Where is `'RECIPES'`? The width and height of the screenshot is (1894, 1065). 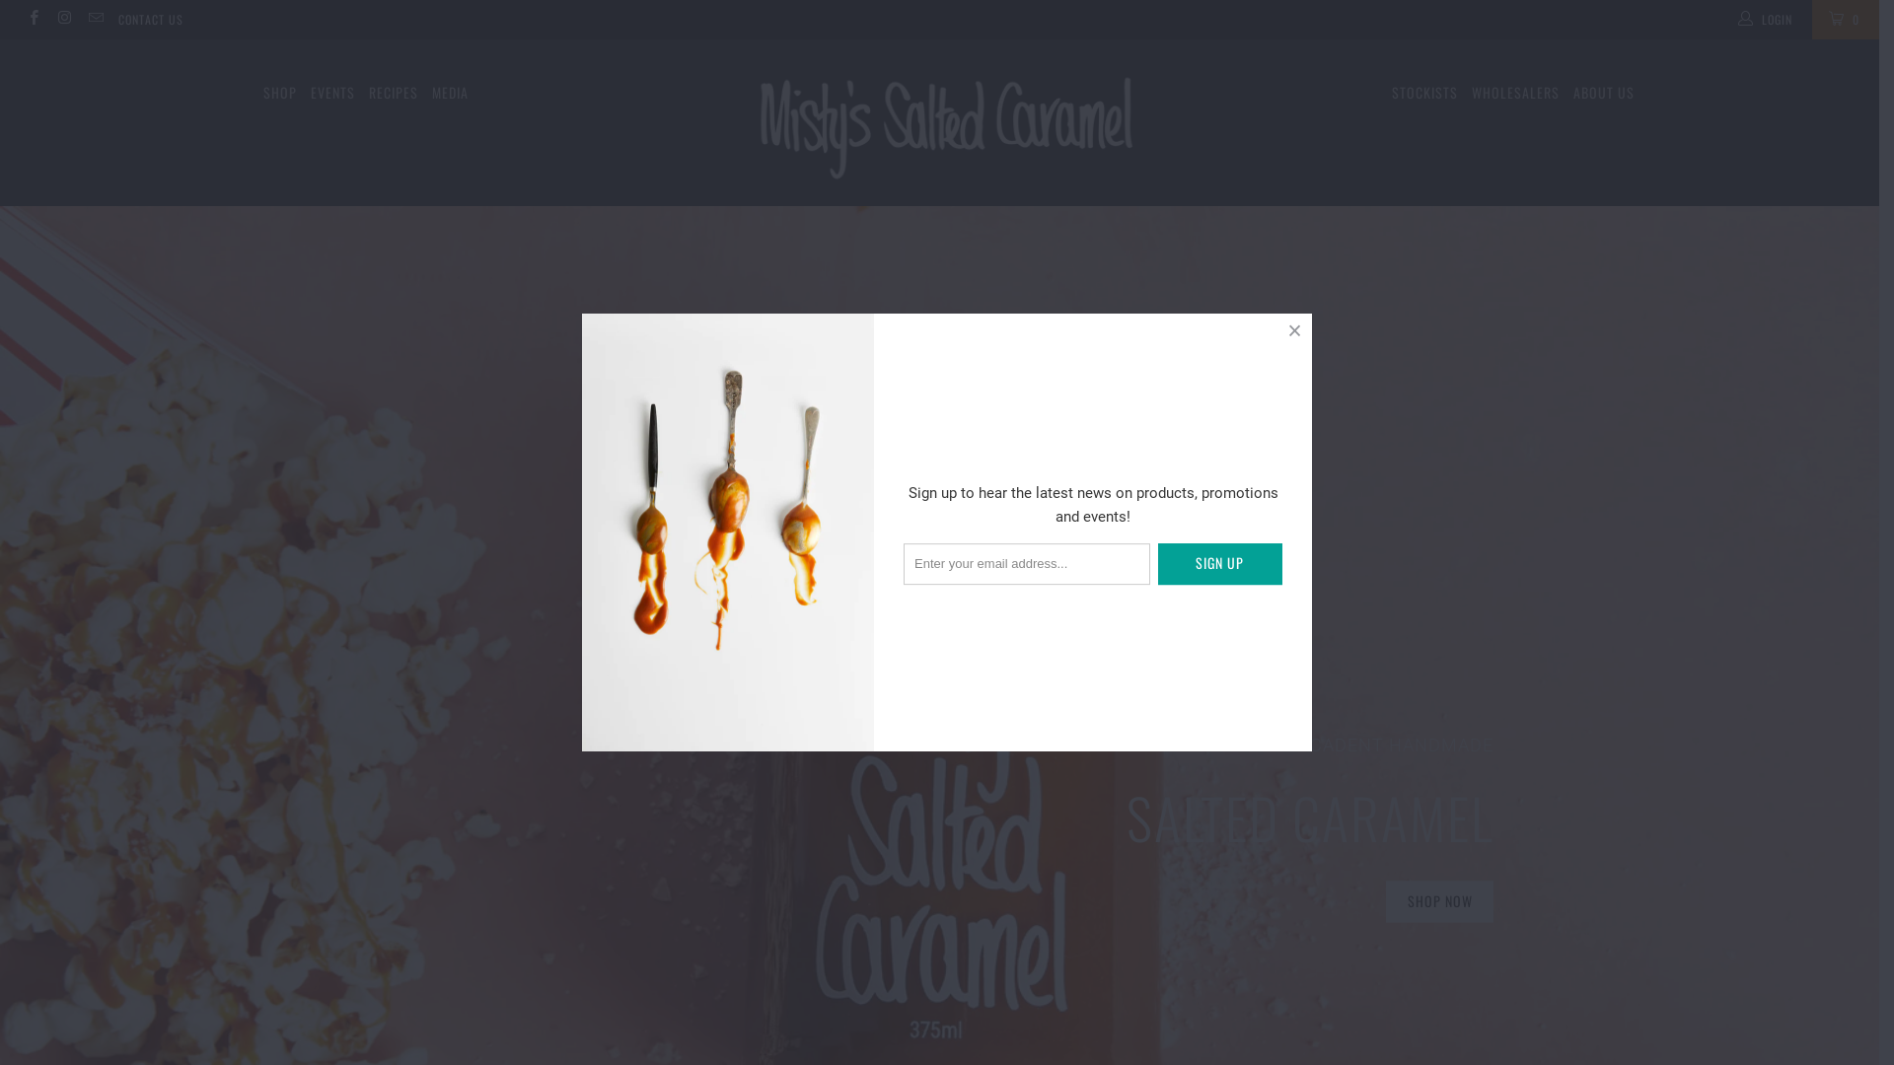
'RECIPES' is located at coordinates (393, 93).